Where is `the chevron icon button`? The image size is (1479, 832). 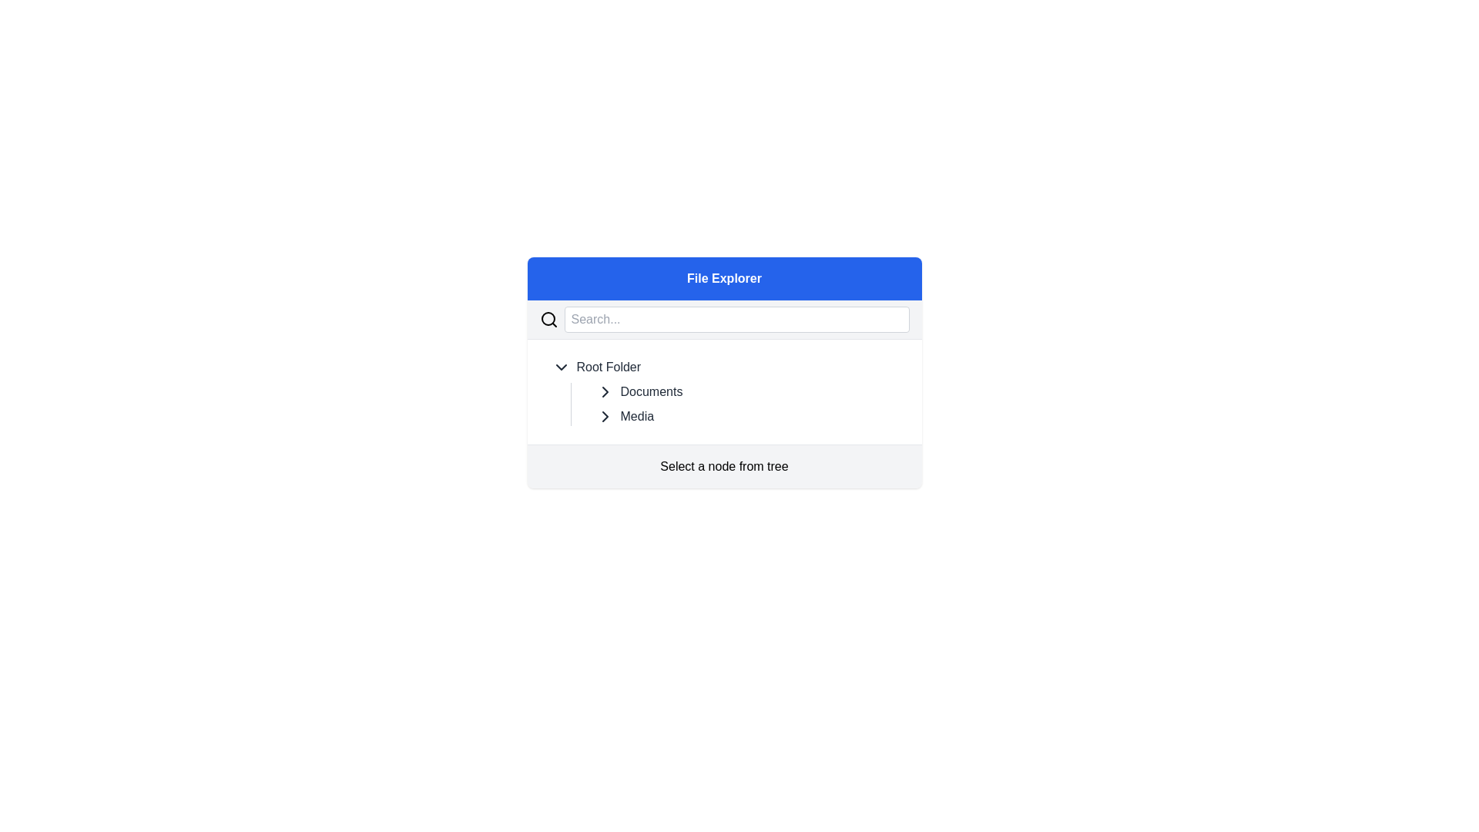
the chevron icon button is located at coordinates (560, 367).